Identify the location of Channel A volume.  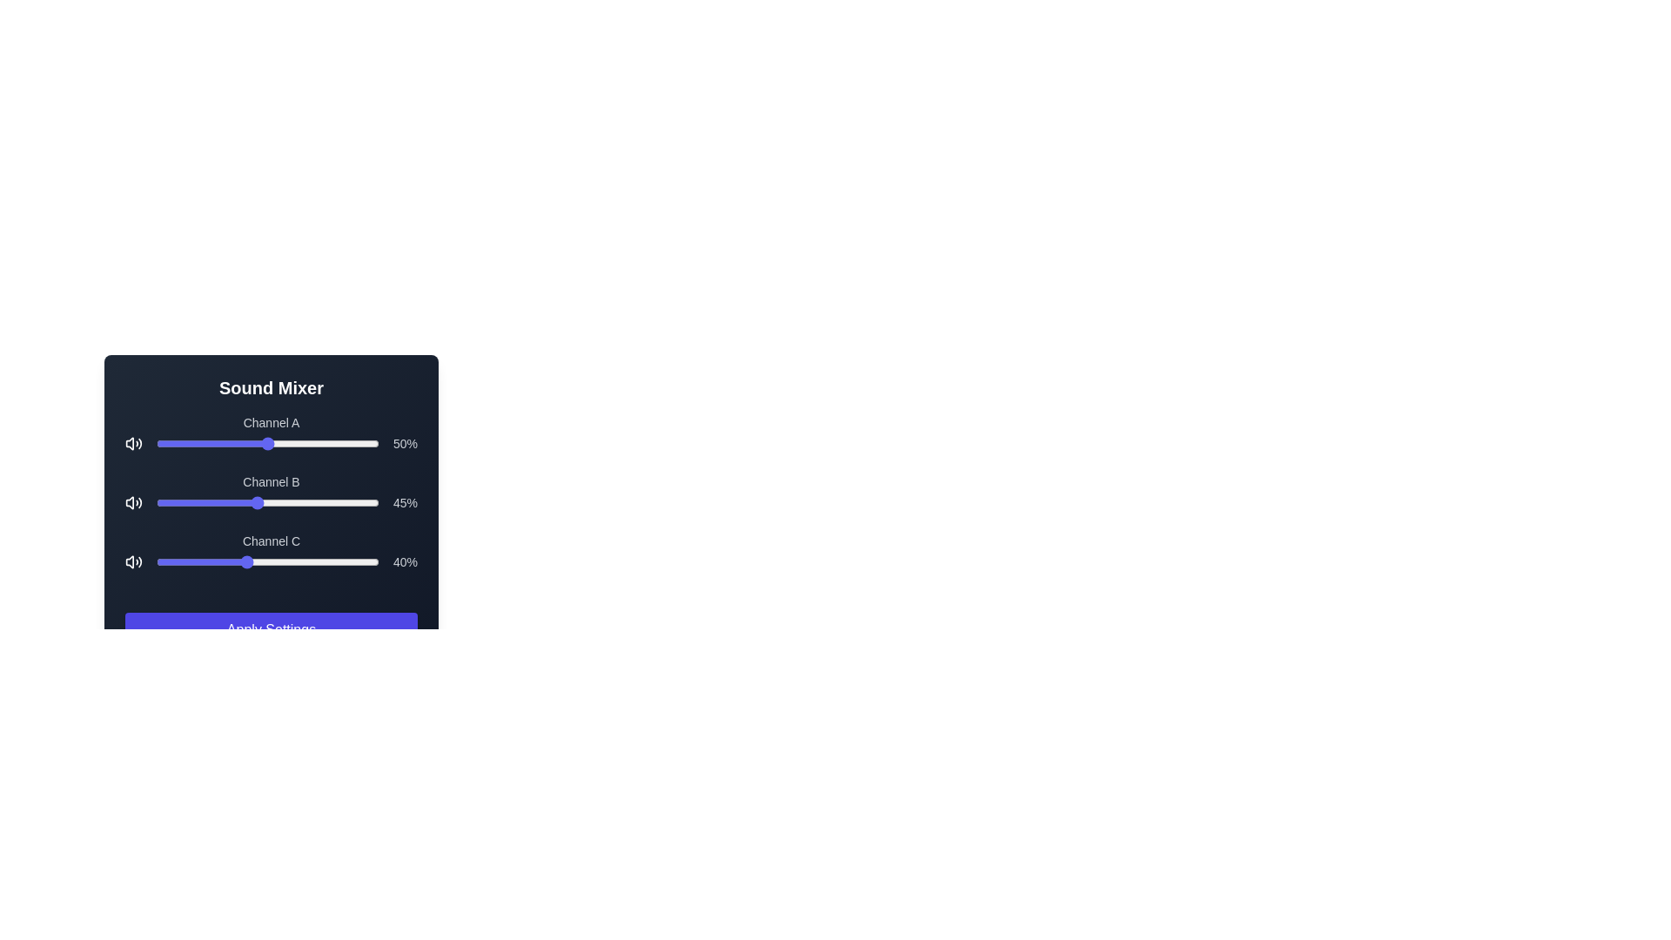
(181, 442).